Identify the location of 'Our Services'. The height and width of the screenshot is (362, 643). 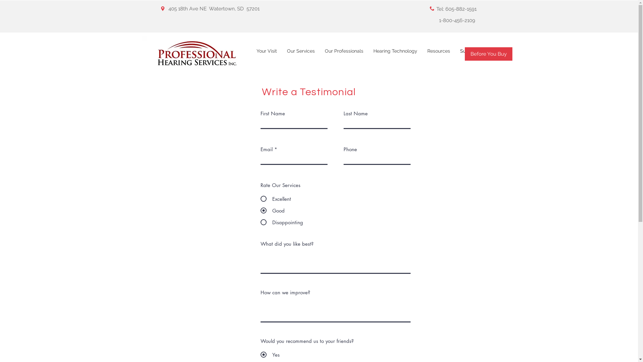
(282, 54).